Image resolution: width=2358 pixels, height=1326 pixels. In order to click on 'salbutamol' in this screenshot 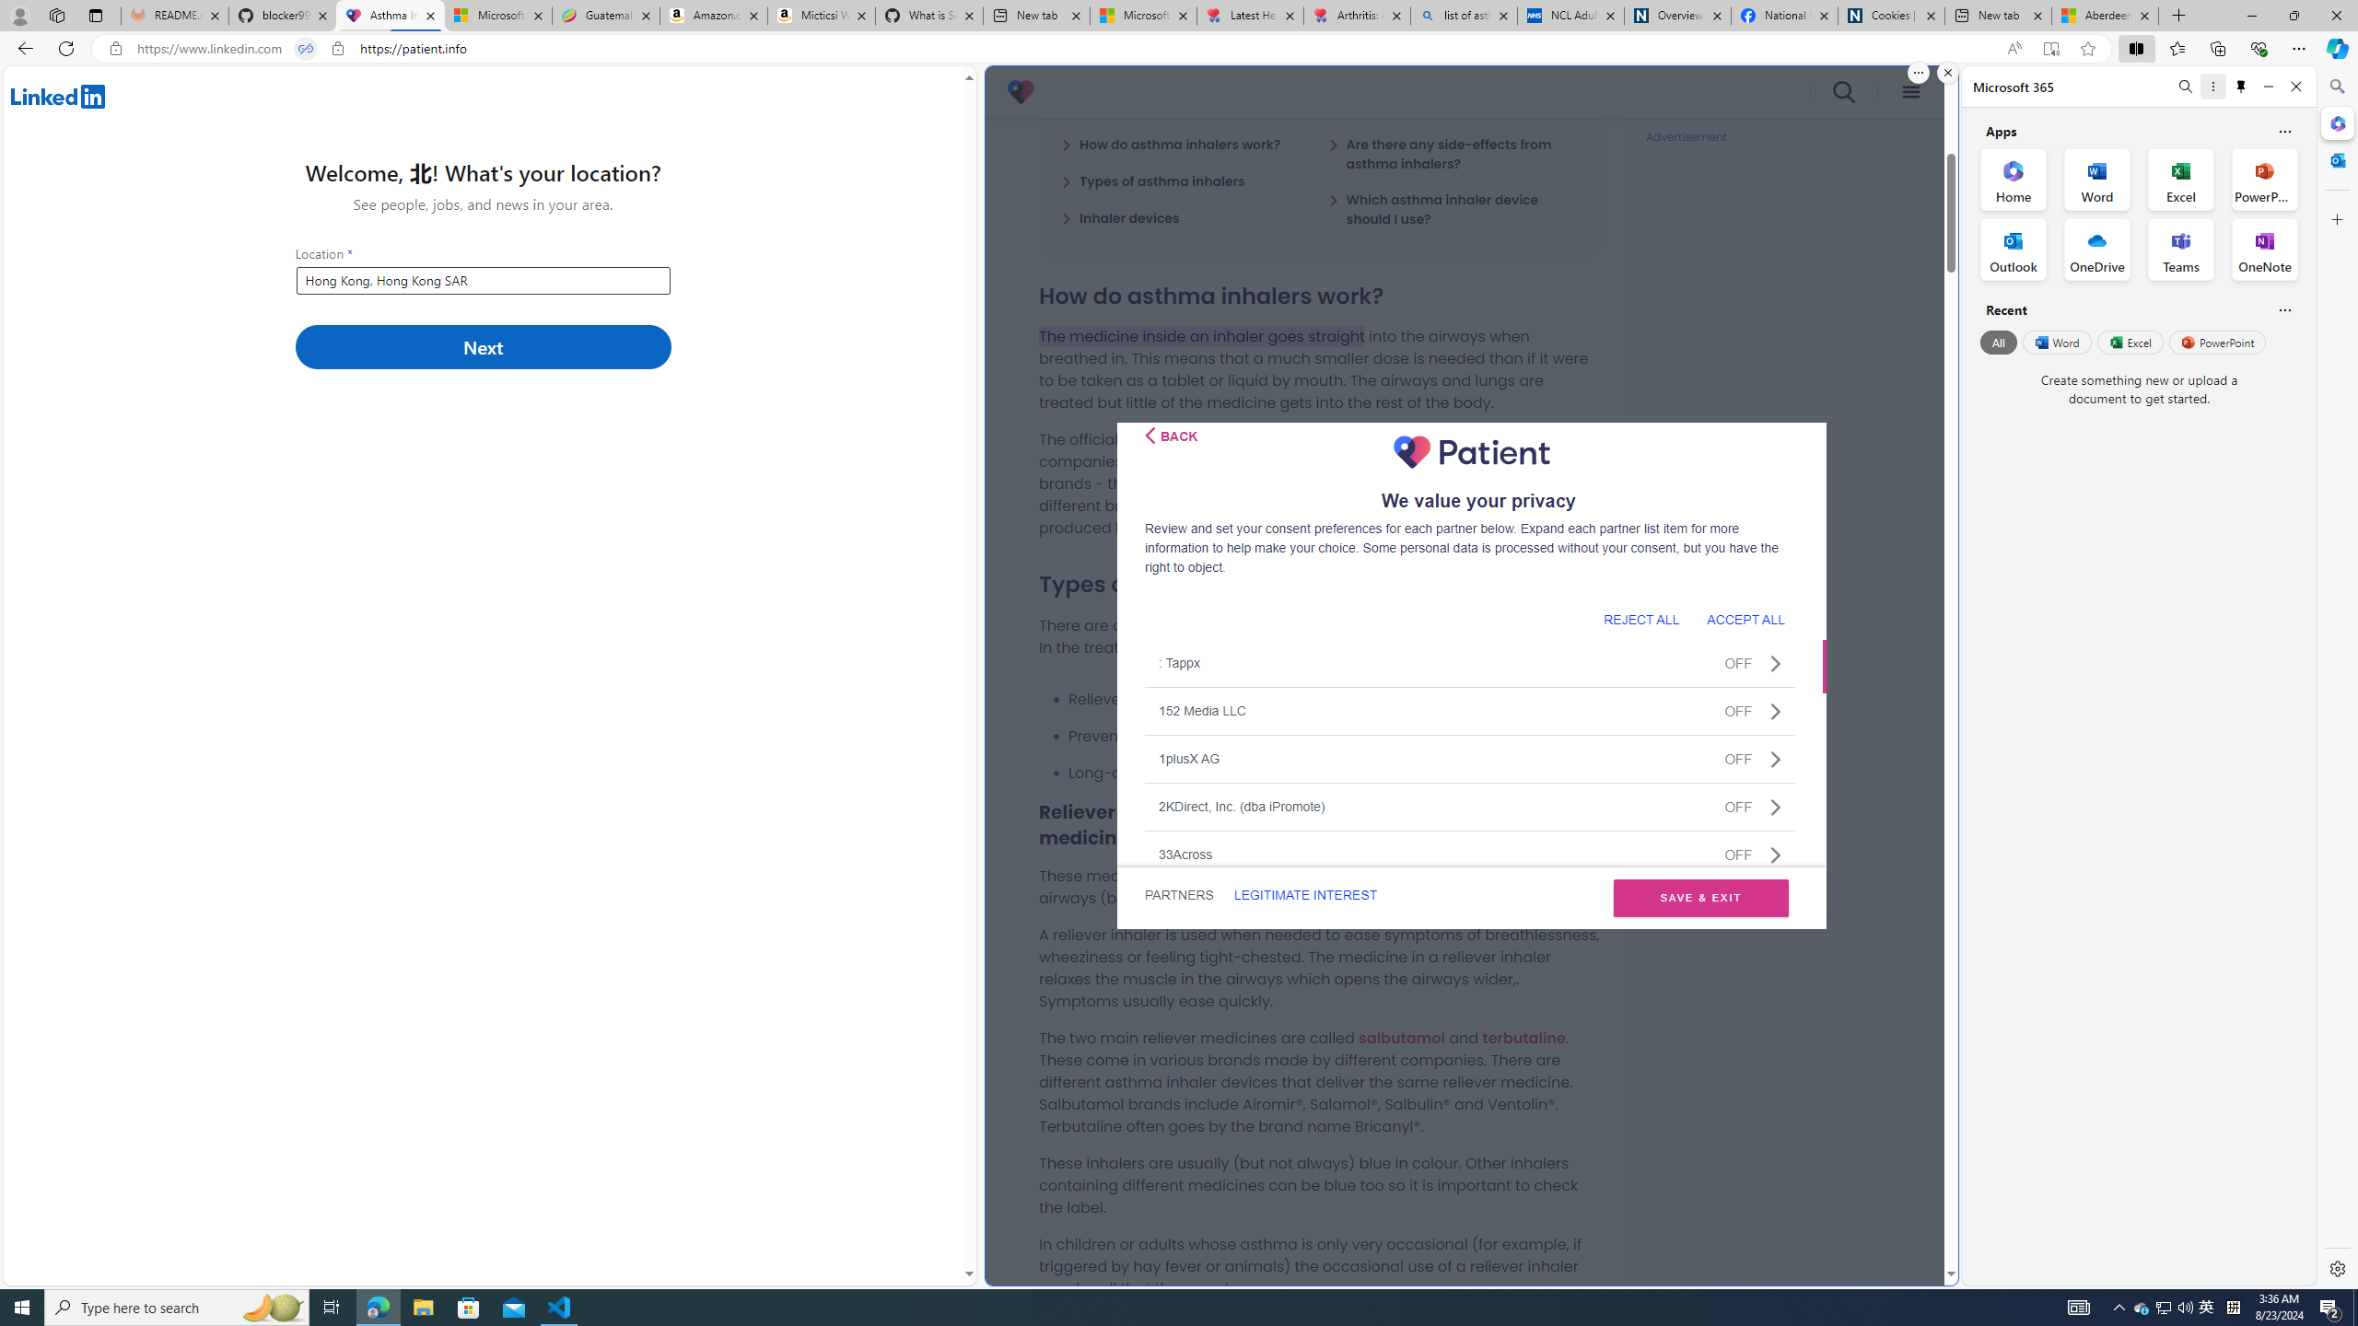, I will do `click(1400, 1036)`.